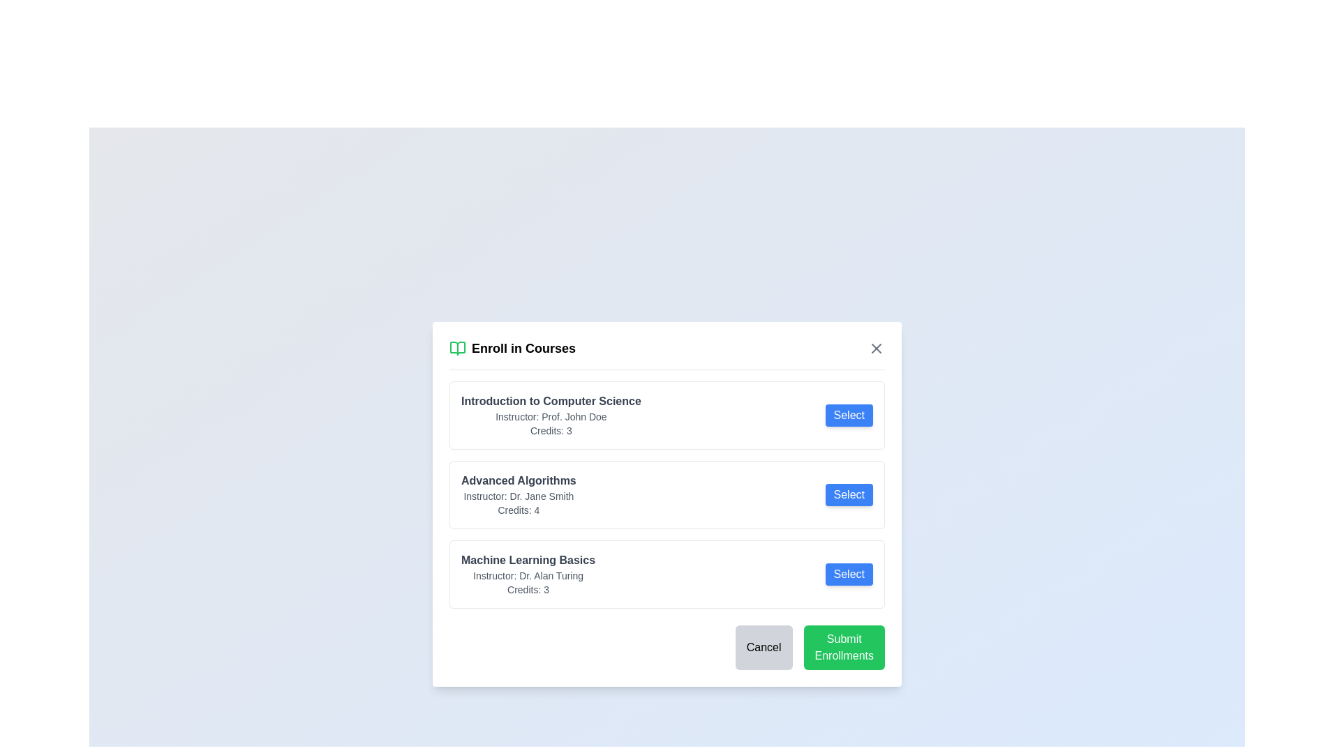  What do you see at coordinates (848, 574) in the screenshot?
I see `the 'Select' button, which is a rectangular button with rounded corners and a blue background, located at the bottom of the course details for 'Machine Learning Basics'` at bounding box center [848, 574].